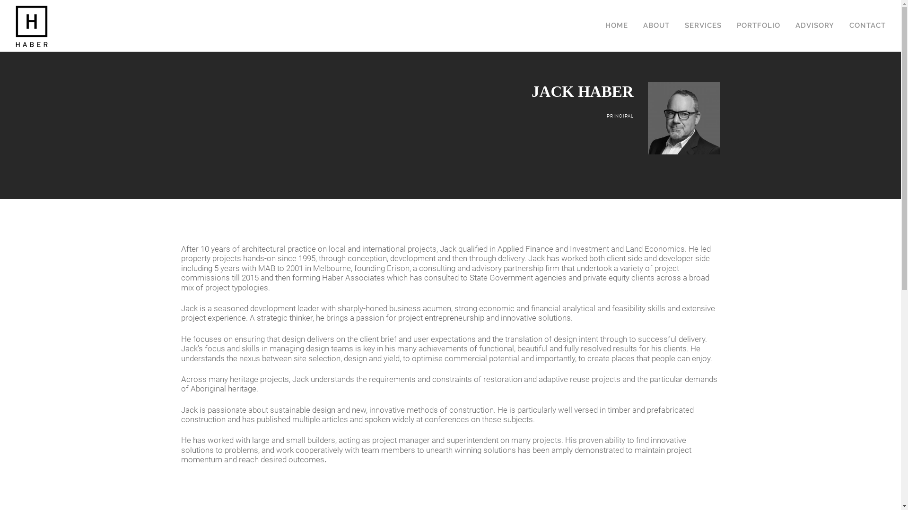 The width and height of the screenshot is (908, 510). Describe the element at coordinates (867, 13) in the screenshot. I see `'CONTACT'` at that location.